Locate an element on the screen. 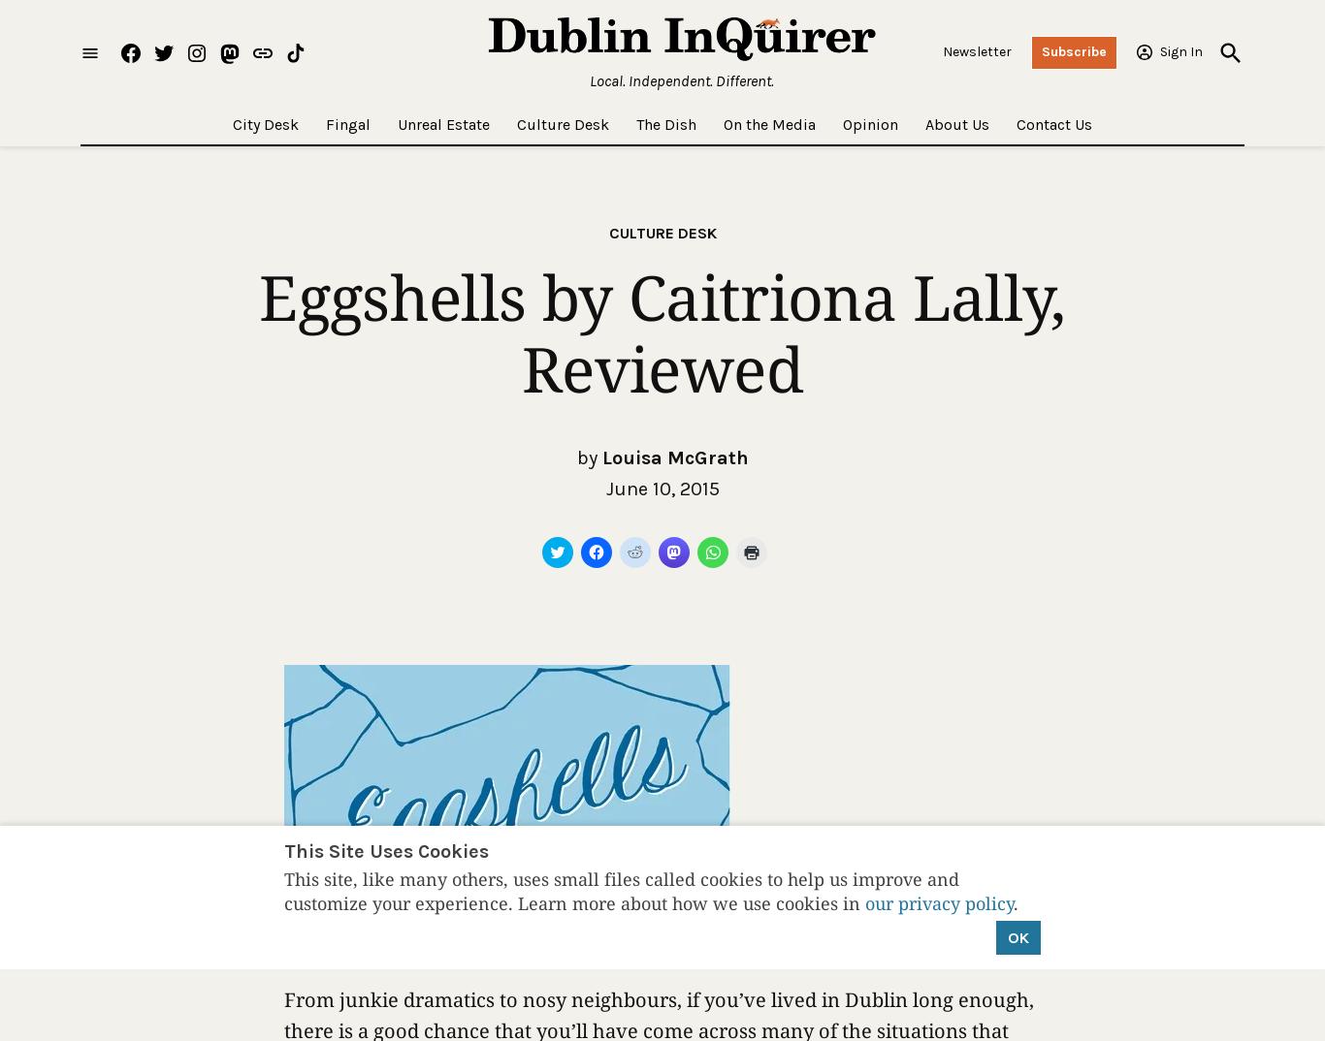 The height and width of the screenshot is (1041, 1325). 'Sign up for free and get an extra article.' is located at coordinates (504, 434).